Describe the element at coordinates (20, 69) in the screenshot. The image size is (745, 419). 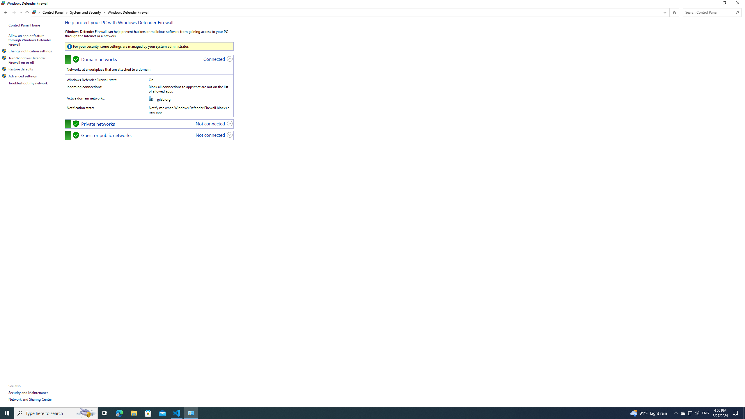
I see `'Restore defaults'` at that location.